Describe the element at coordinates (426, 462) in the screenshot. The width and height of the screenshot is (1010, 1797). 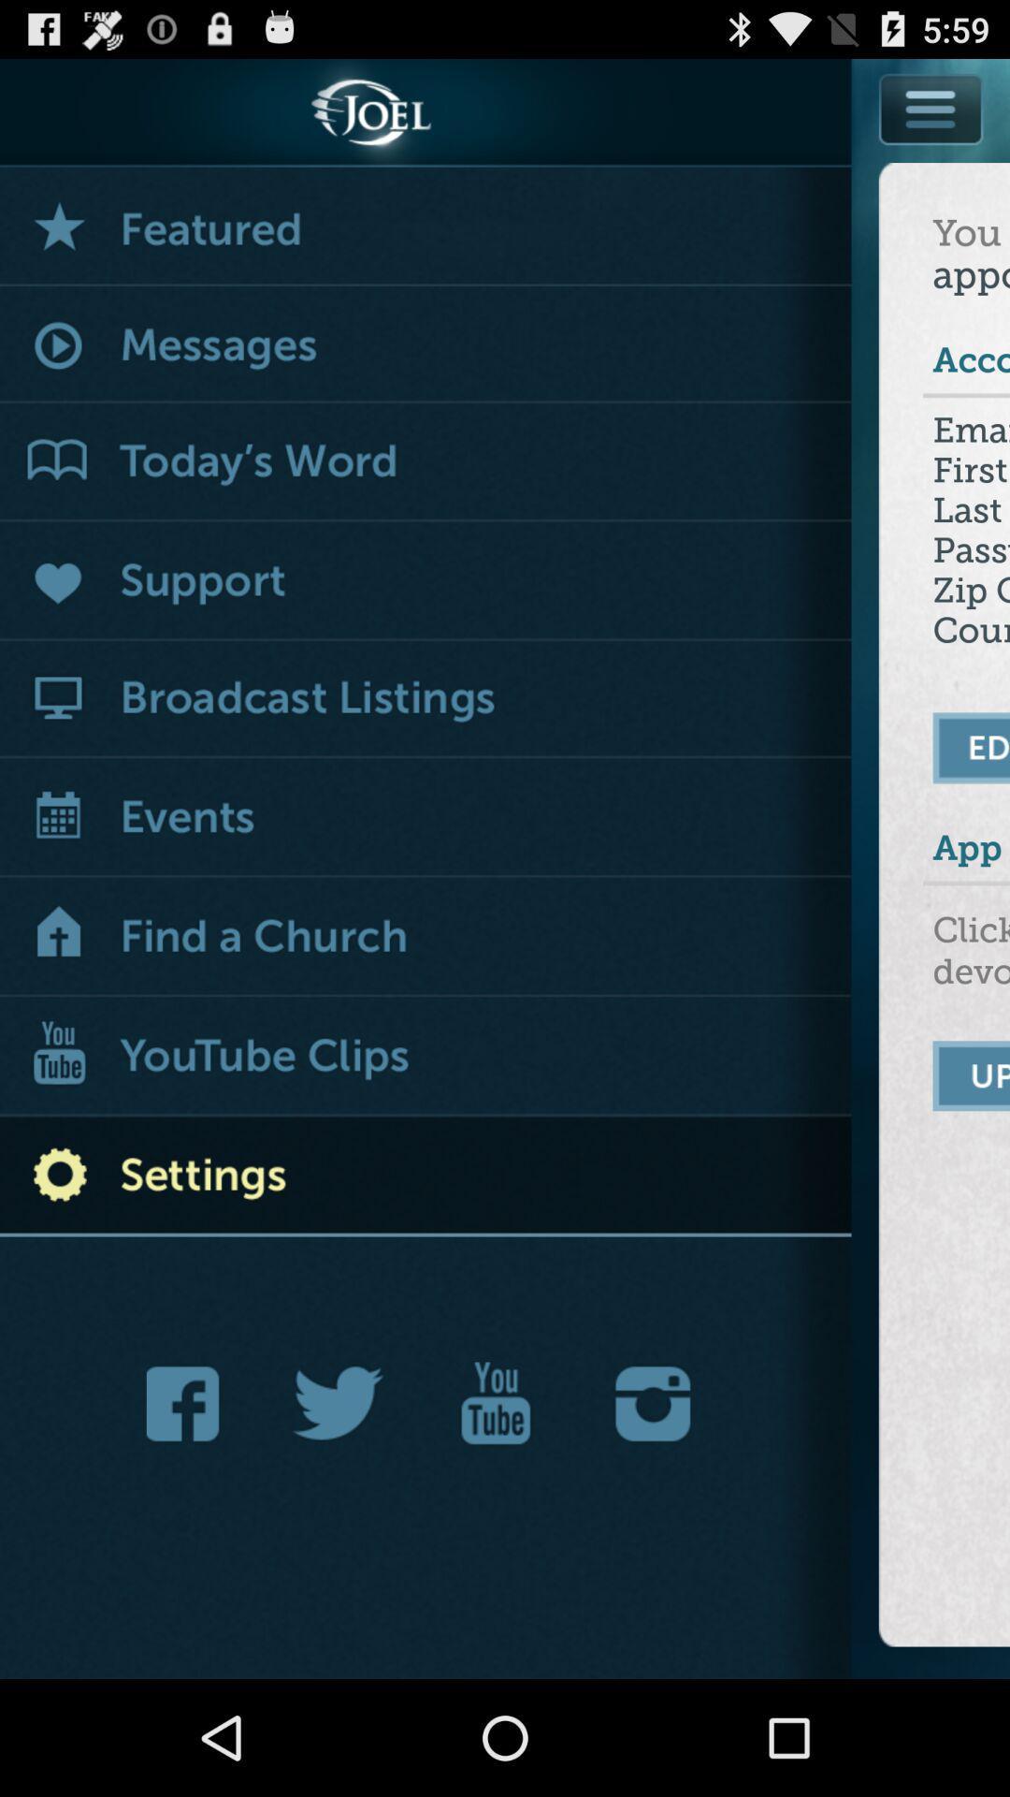
I see `content related to today 's world` at that location.